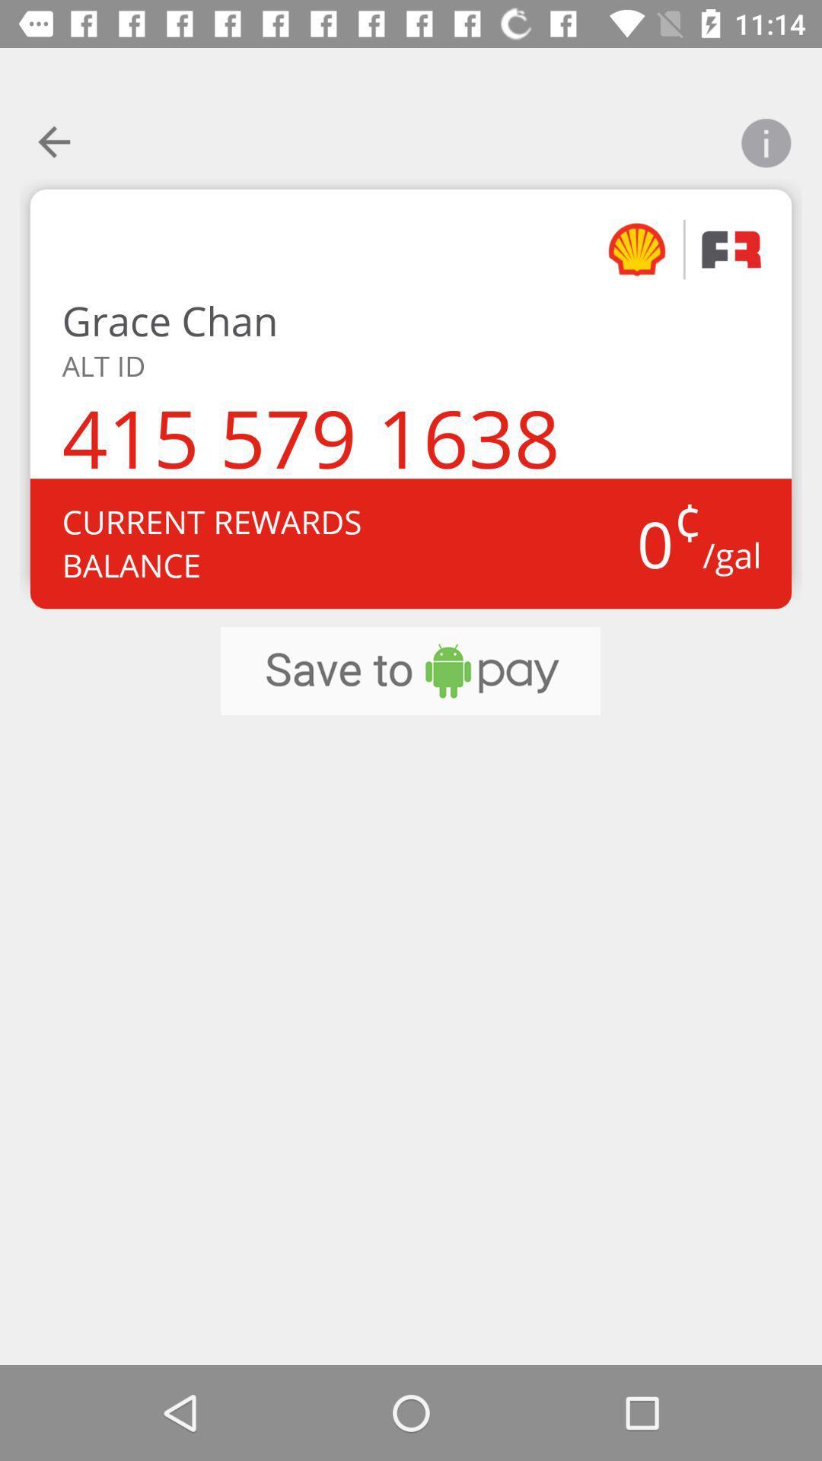 The width and height of the screenshot is (822, 1461). Describe the element at coordinates (766, 133) in the screenshot. I see `the info icon` at that location.